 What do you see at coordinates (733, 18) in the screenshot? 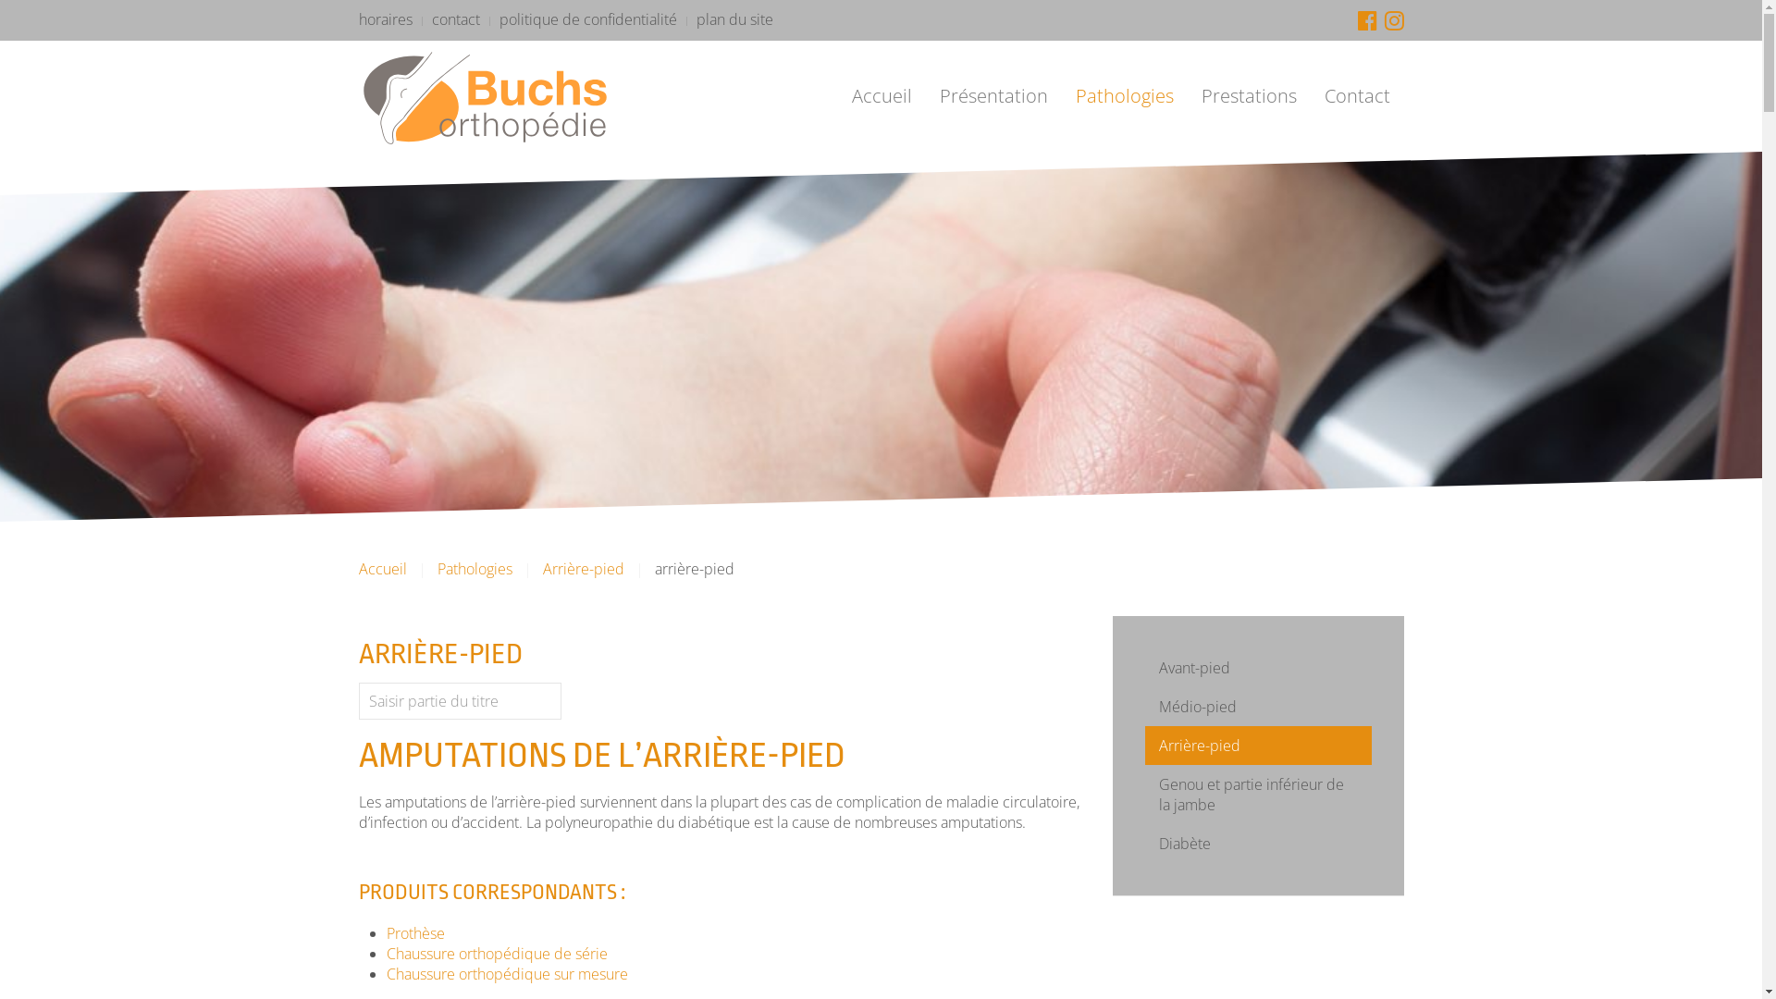
I see `'plan du site'` at bounding box center [733, 18].